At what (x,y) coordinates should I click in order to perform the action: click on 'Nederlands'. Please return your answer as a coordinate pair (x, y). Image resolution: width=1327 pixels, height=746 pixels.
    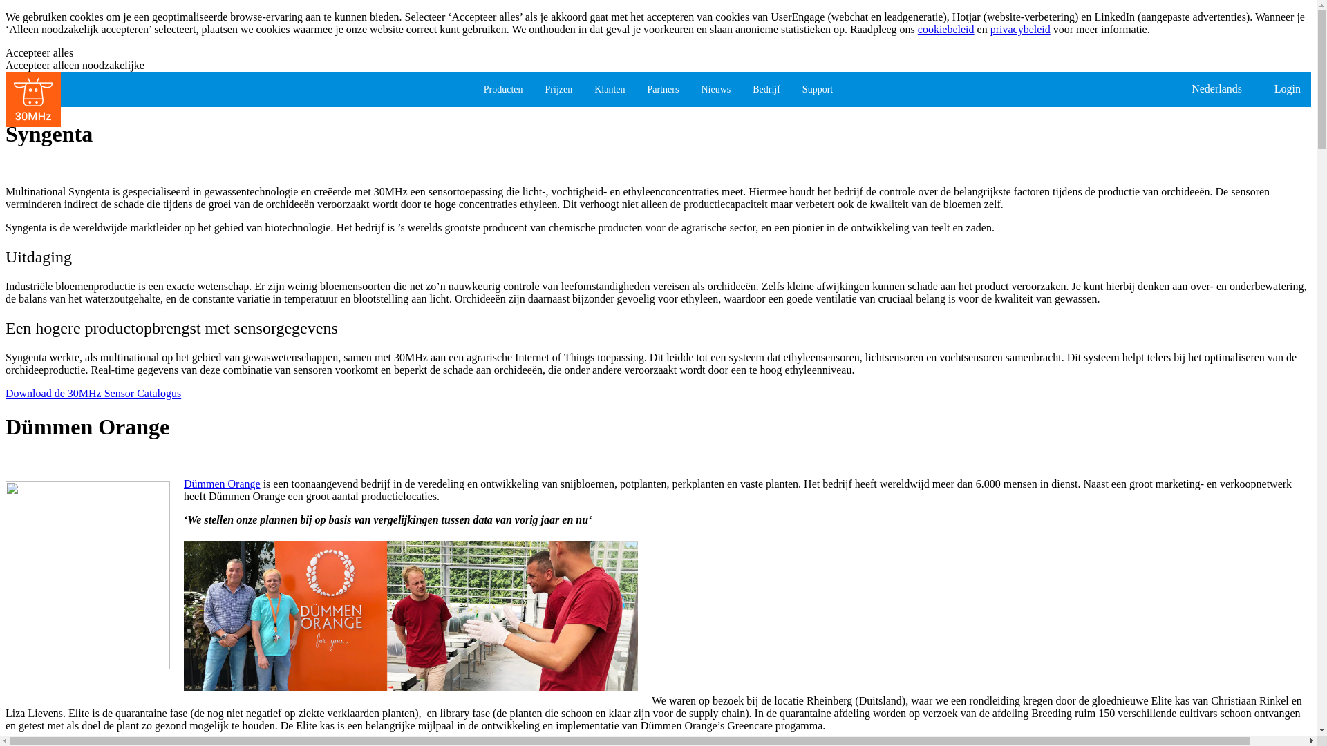
    Looking at the image, I should click on (1216, 88).